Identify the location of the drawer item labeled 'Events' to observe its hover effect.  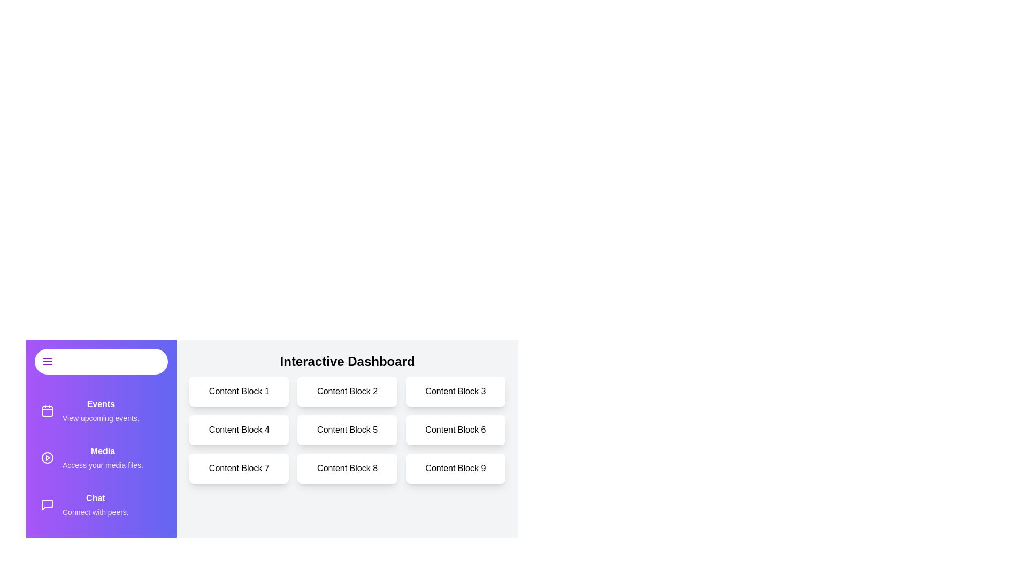
(101, 410).